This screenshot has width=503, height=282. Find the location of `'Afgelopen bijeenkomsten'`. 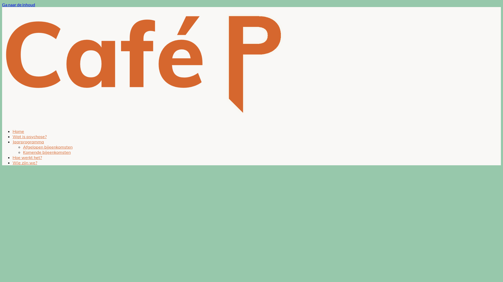

'Afgelopen bijeenkomsten' is located at coordinates (48, 147).